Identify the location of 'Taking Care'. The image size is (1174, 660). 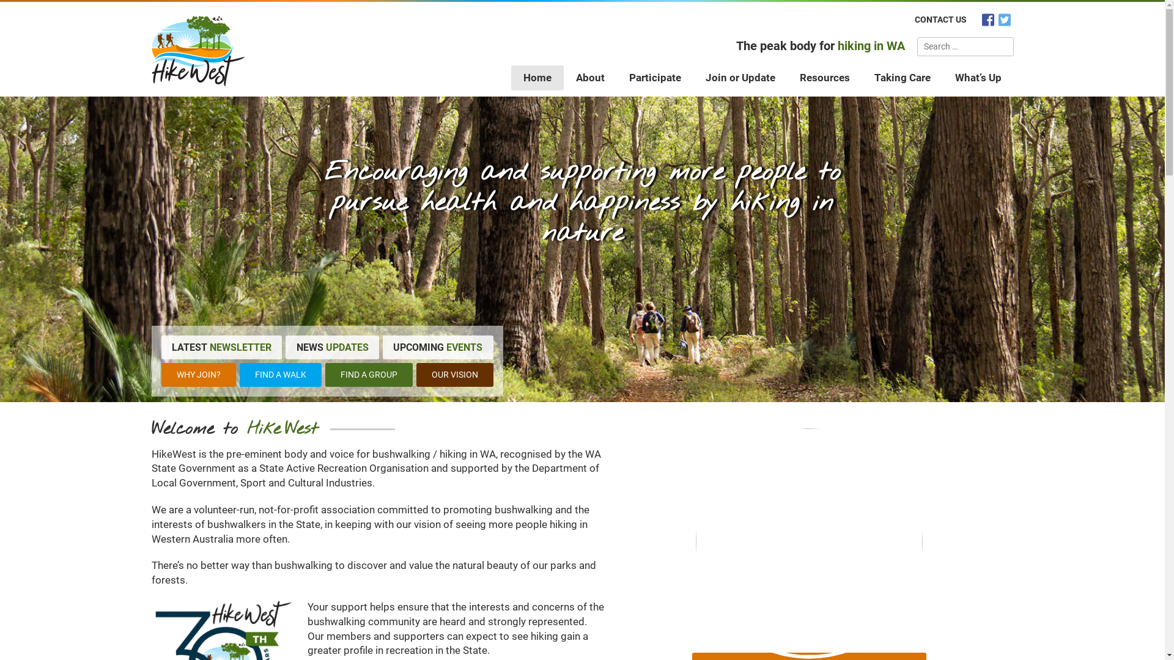
(903, 77).